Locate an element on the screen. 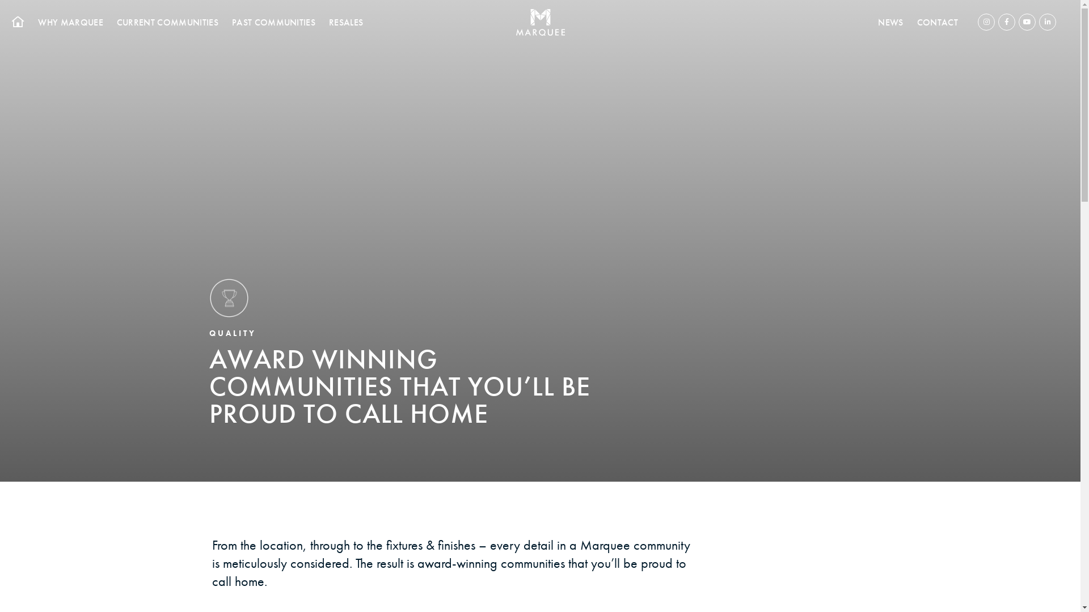 The height and width of the screenshot is (612, 1089). 'Skip to primary navigation' is located at coordinates (0, 0).